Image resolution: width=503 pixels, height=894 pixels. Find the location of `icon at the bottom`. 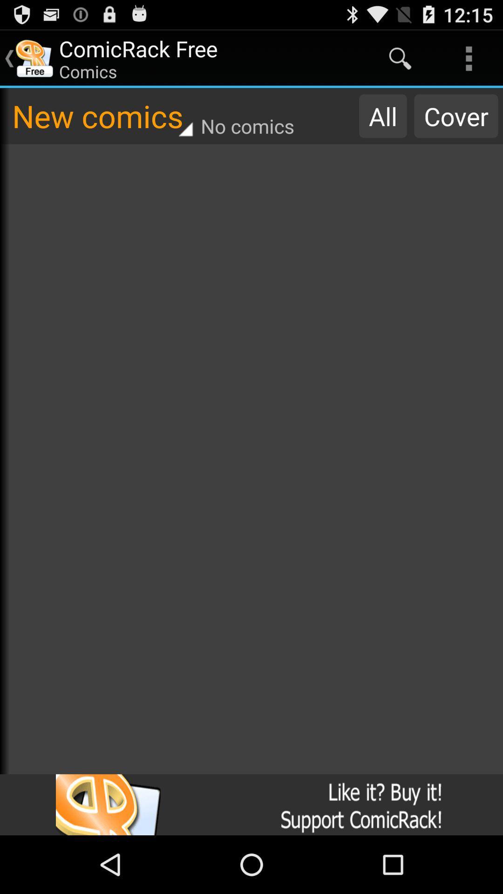

icon at the bottom is located at coordinates (251, 804).